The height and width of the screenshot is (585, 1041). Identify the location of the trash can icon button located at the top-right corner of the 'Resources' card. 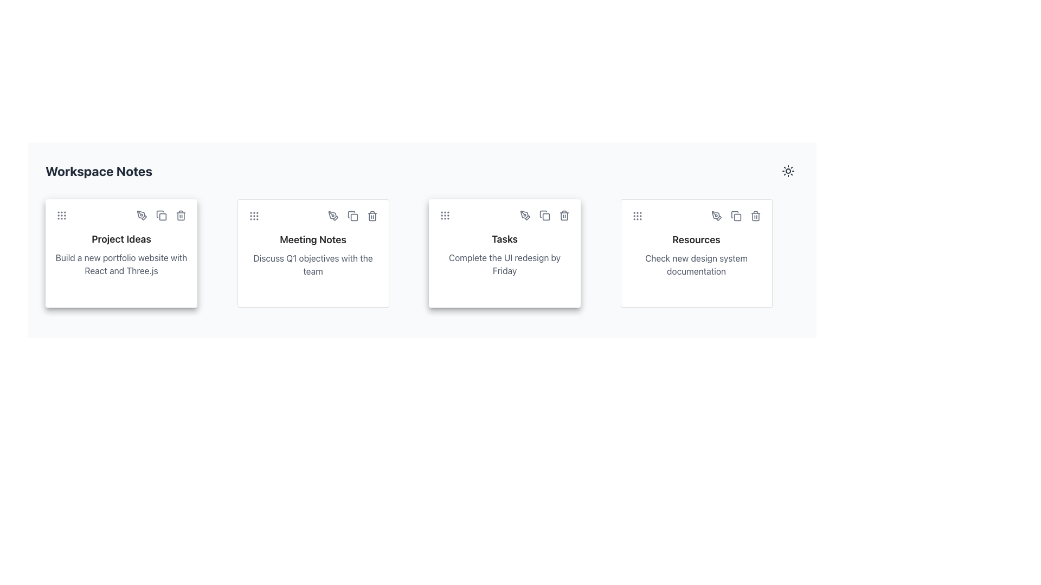
(755, 216).